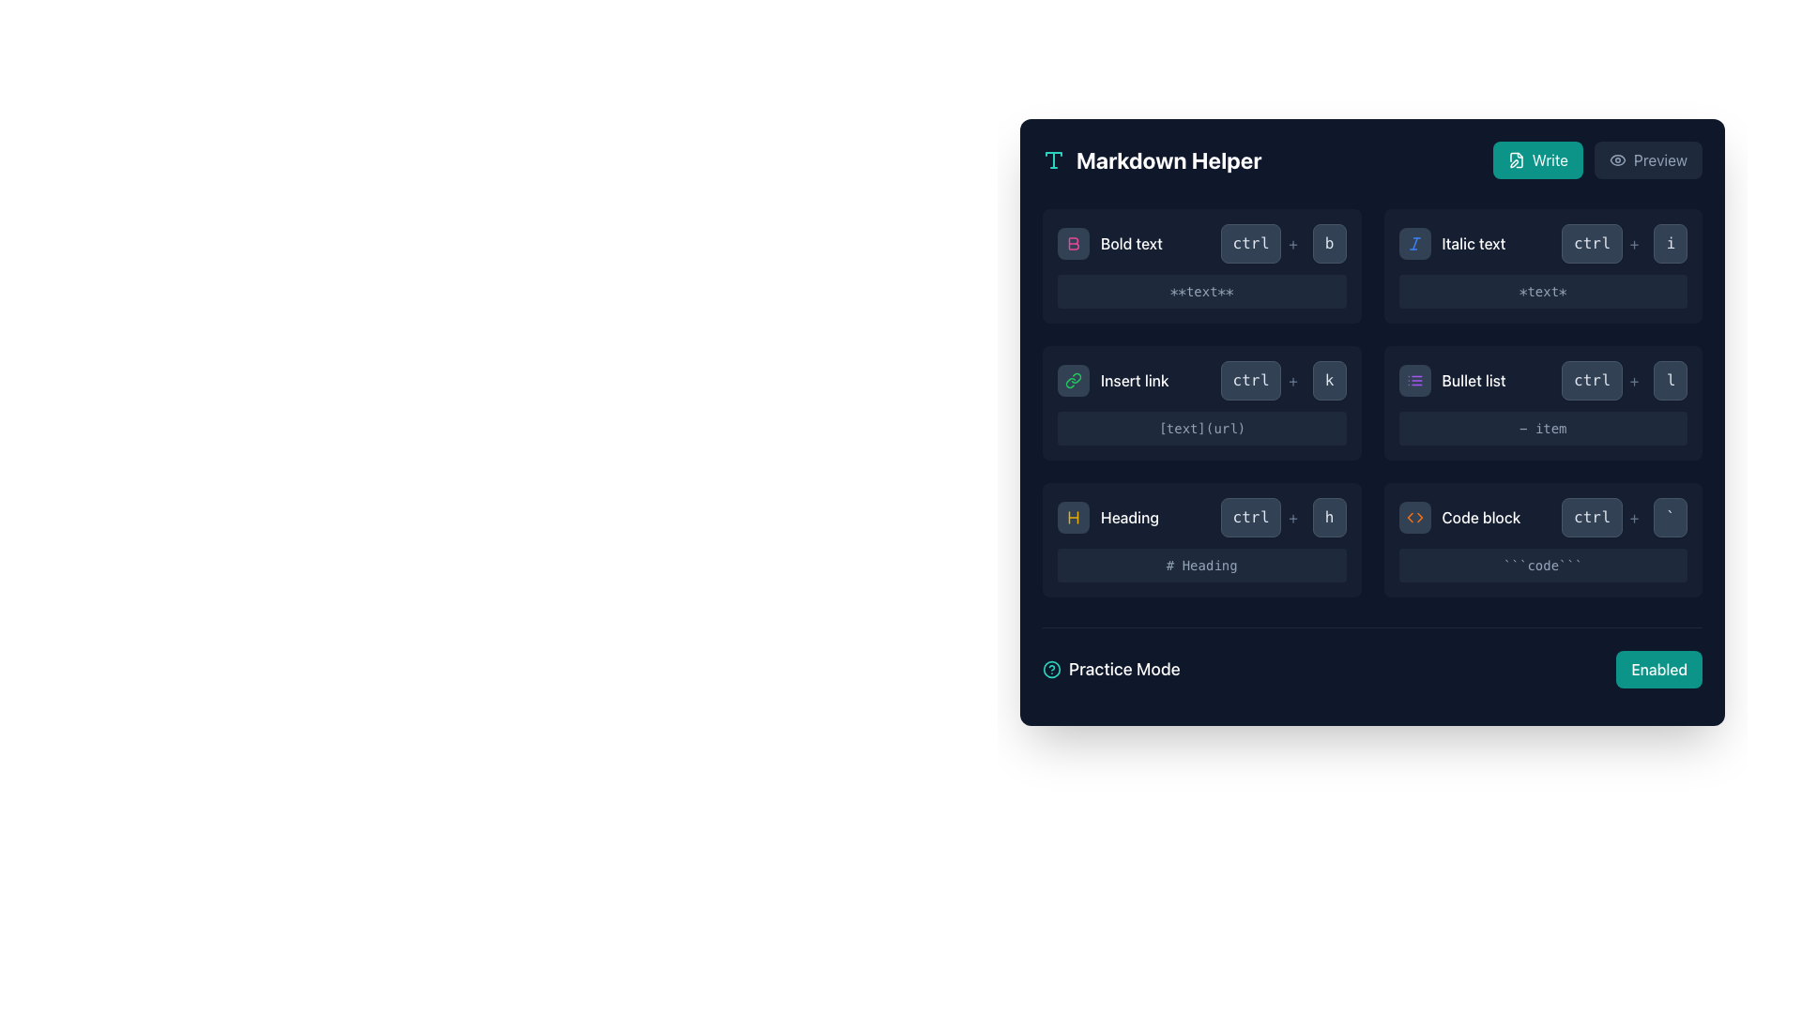 Image resolution: width=1802 pixels, height=1013 pixels. Describe the element at coordinates (1451, 242) in the screenshot. I see `the 'Italic text' option in the top-right section of the Markdown Helper interface, which is the second element in the first row` at that location.